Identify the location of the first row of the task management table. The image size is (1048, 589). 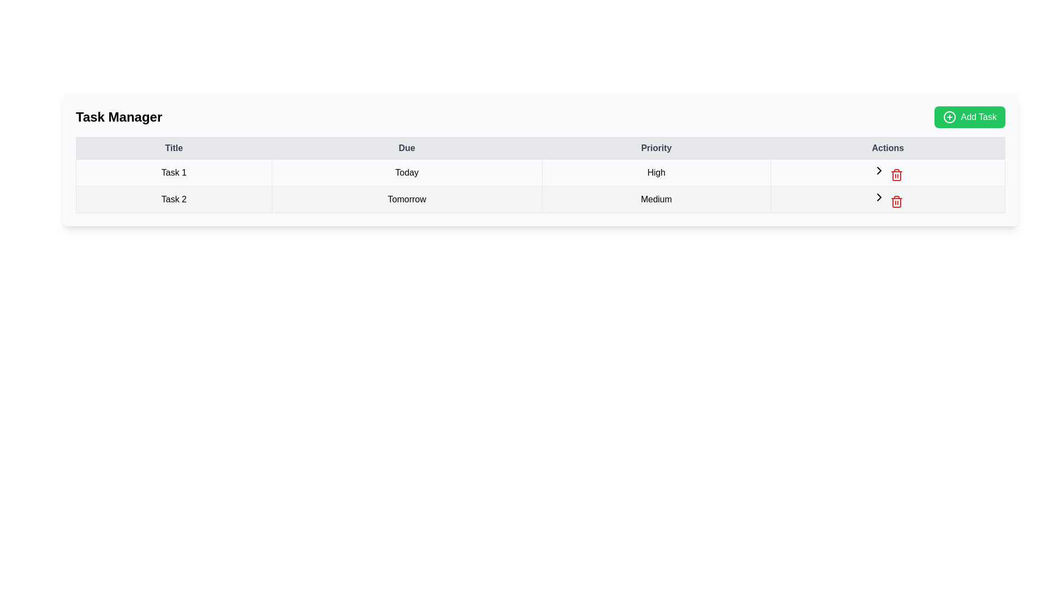
(540, 172).